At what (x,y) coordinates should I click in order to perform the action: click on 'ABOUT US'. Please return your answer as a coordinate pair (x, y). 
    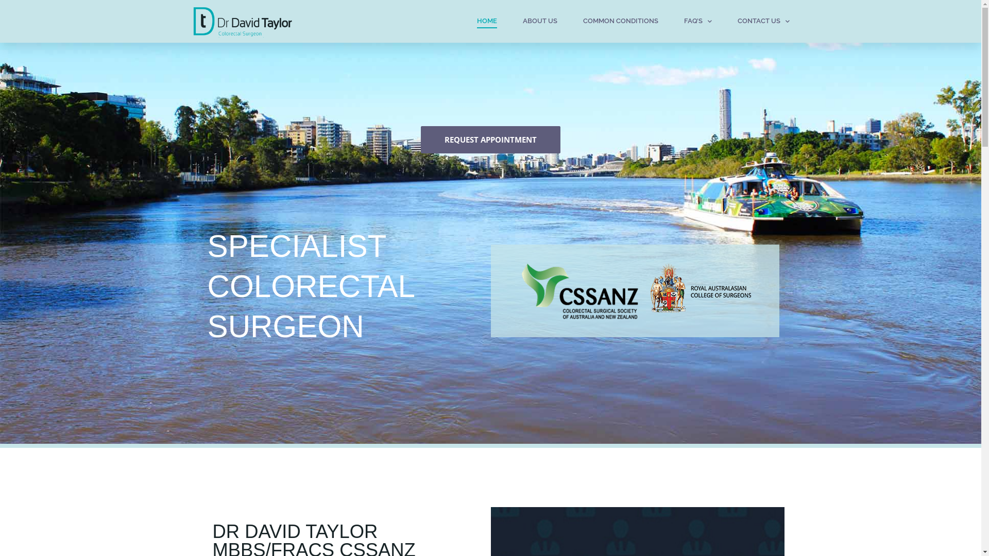
    Looking at the image, I should click on (522, 21).